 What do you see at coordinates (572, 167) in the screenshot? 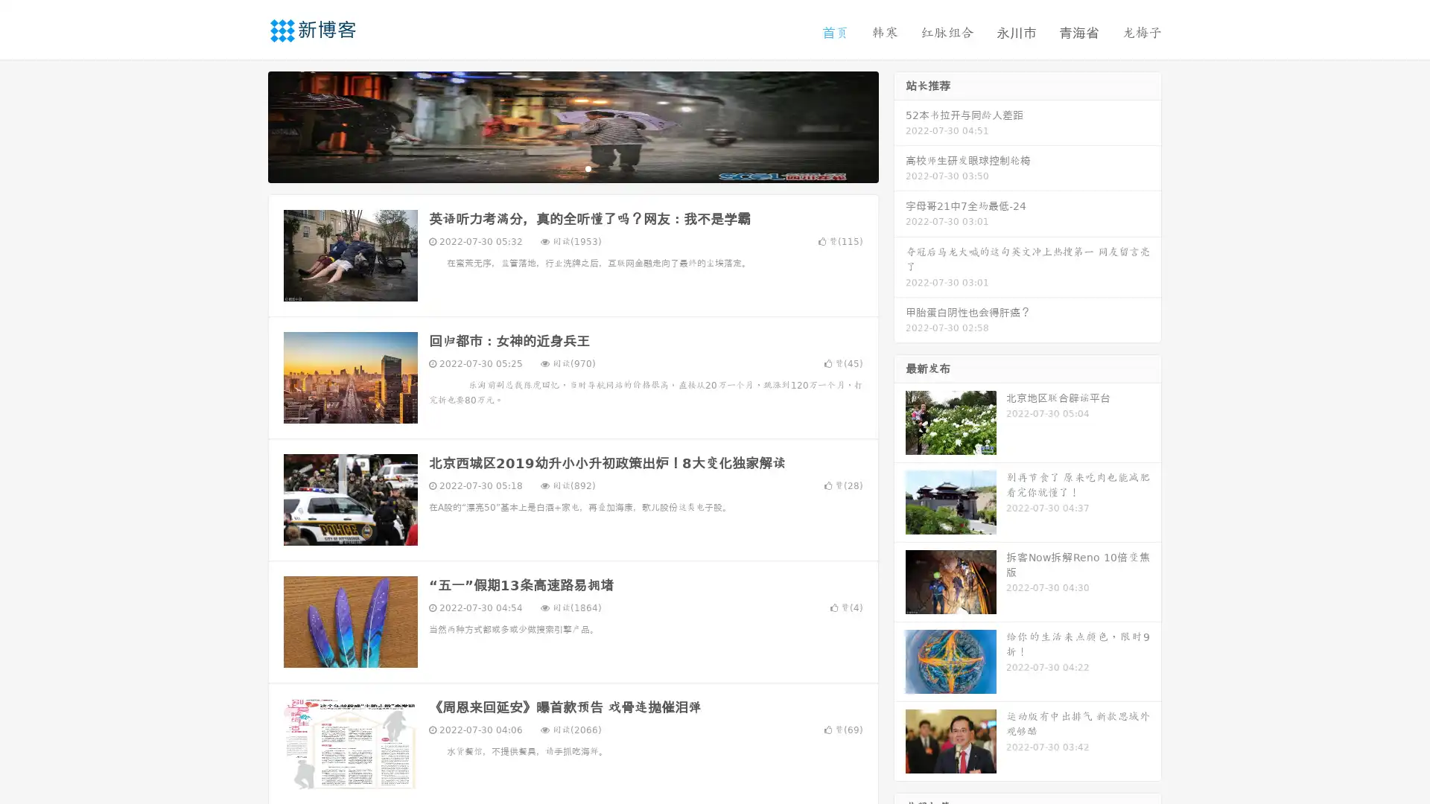
I see `Go to slide 2` at bounding box center [572, 167].